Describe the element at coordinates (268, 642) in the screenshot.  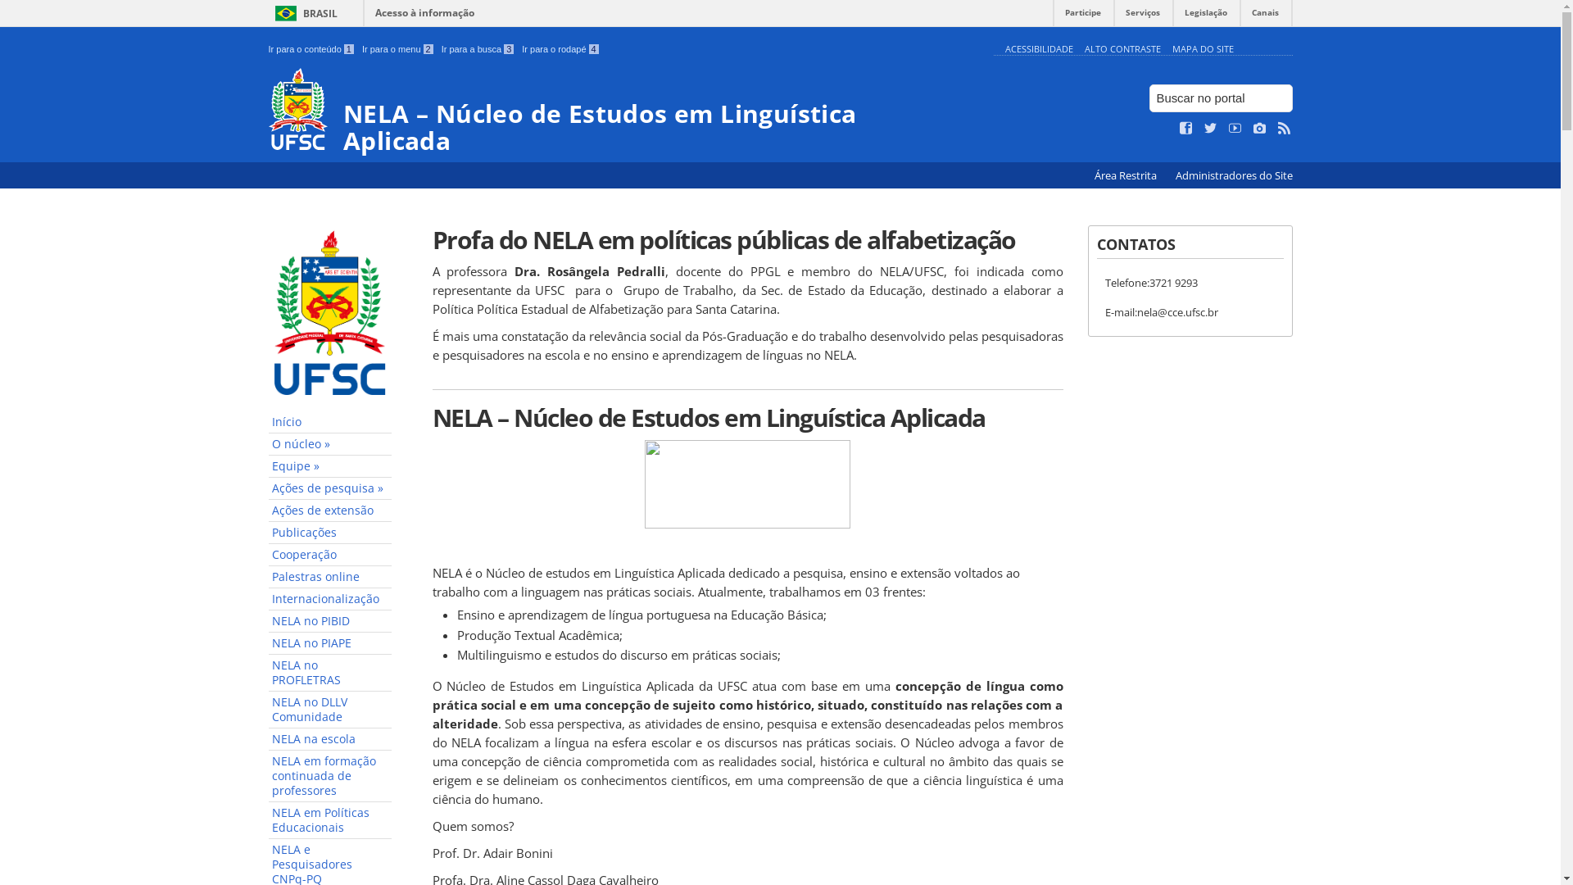
I see `'NELA no PIAPE'` at that location.